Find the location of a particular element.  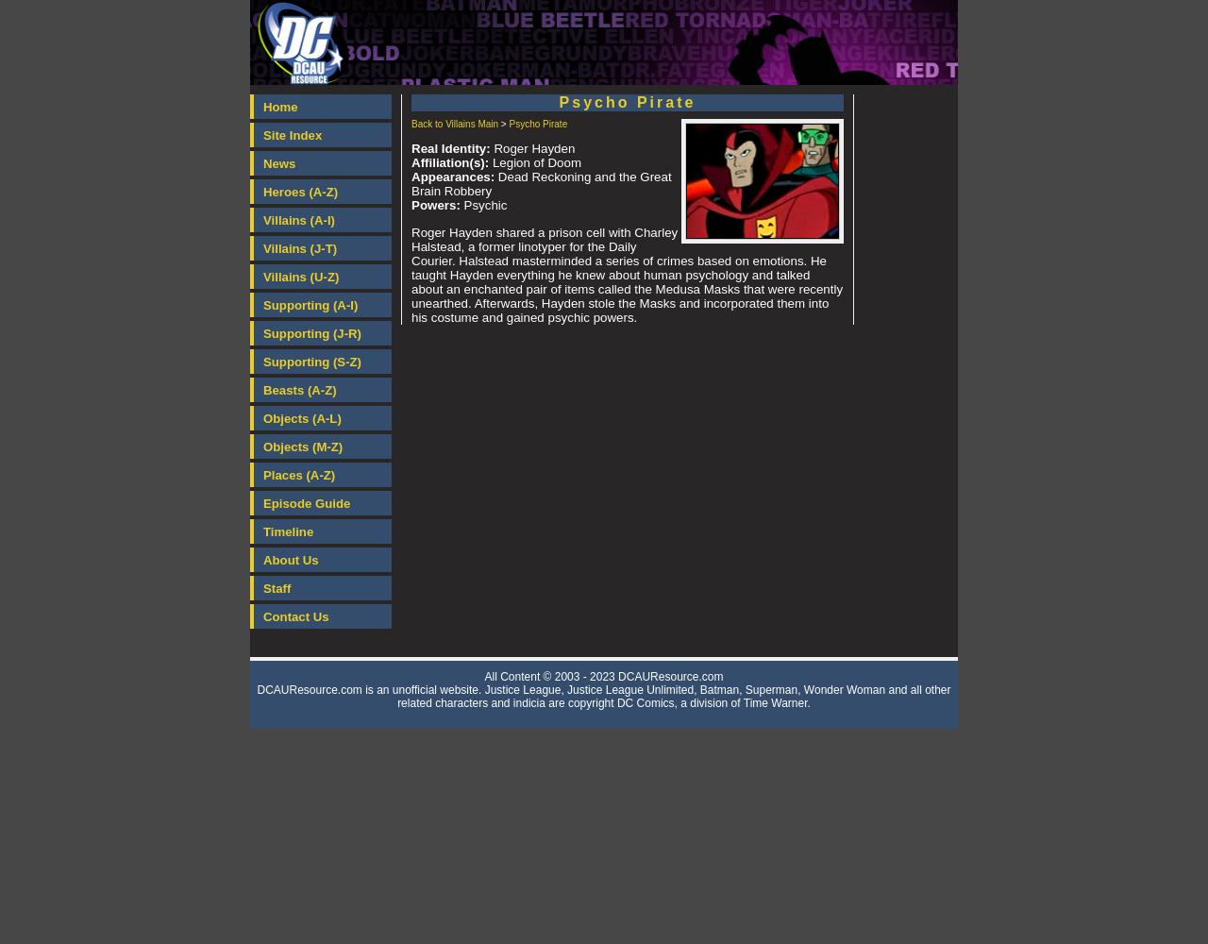

'Contact Us' is located at coordinates (262, 616).